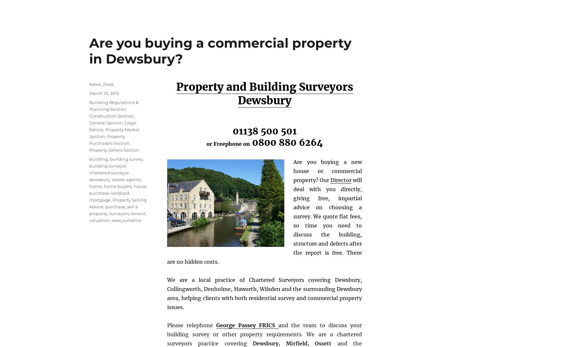  What do you see at coordinates (89, 149) in the screenshot?
I see `'Property Sellers Section'` at bounding box center [89, 149].